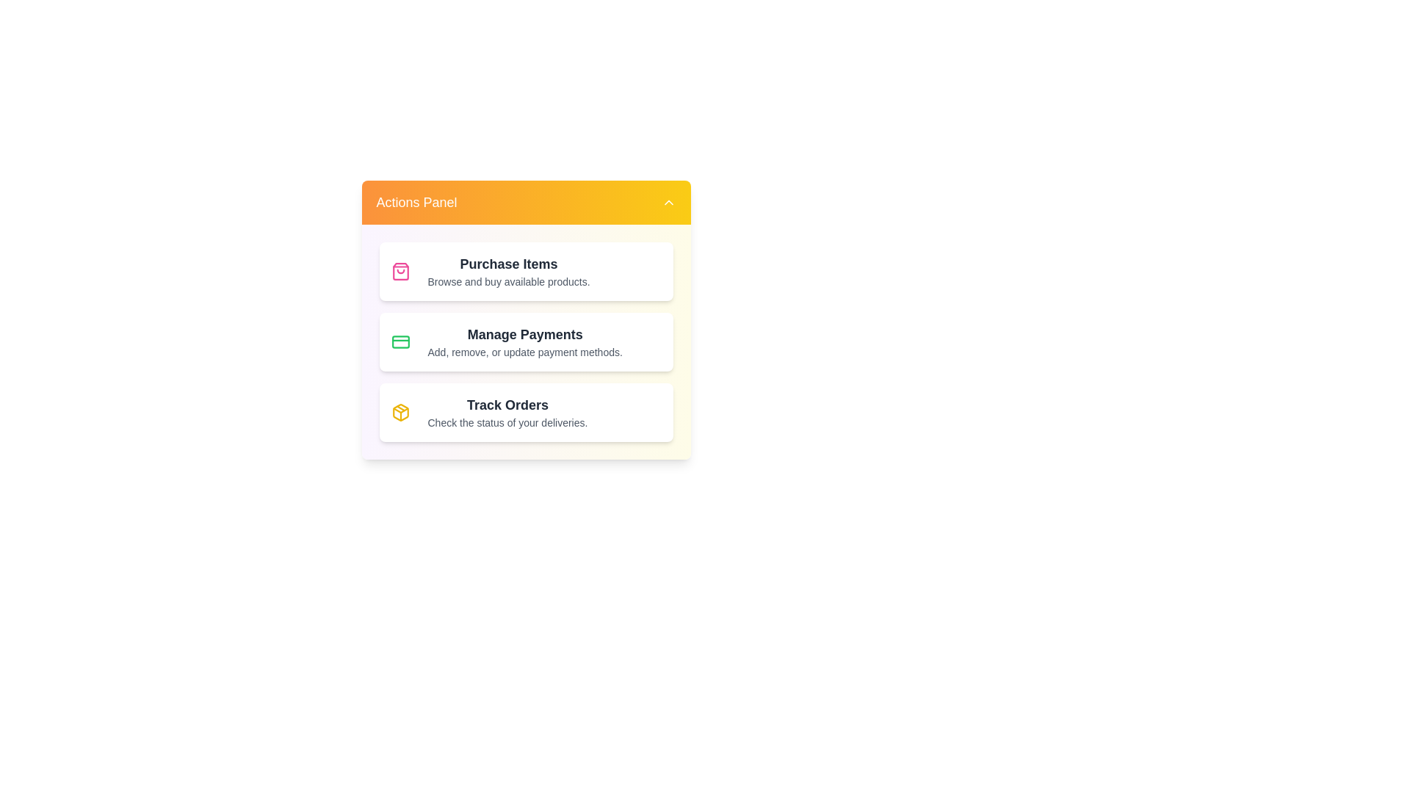 The image size is (1410, 793). Describe the element at coordinates (526, 342) in the screenshot. I see `the action item Manage Payments to reveal further details` at that location.